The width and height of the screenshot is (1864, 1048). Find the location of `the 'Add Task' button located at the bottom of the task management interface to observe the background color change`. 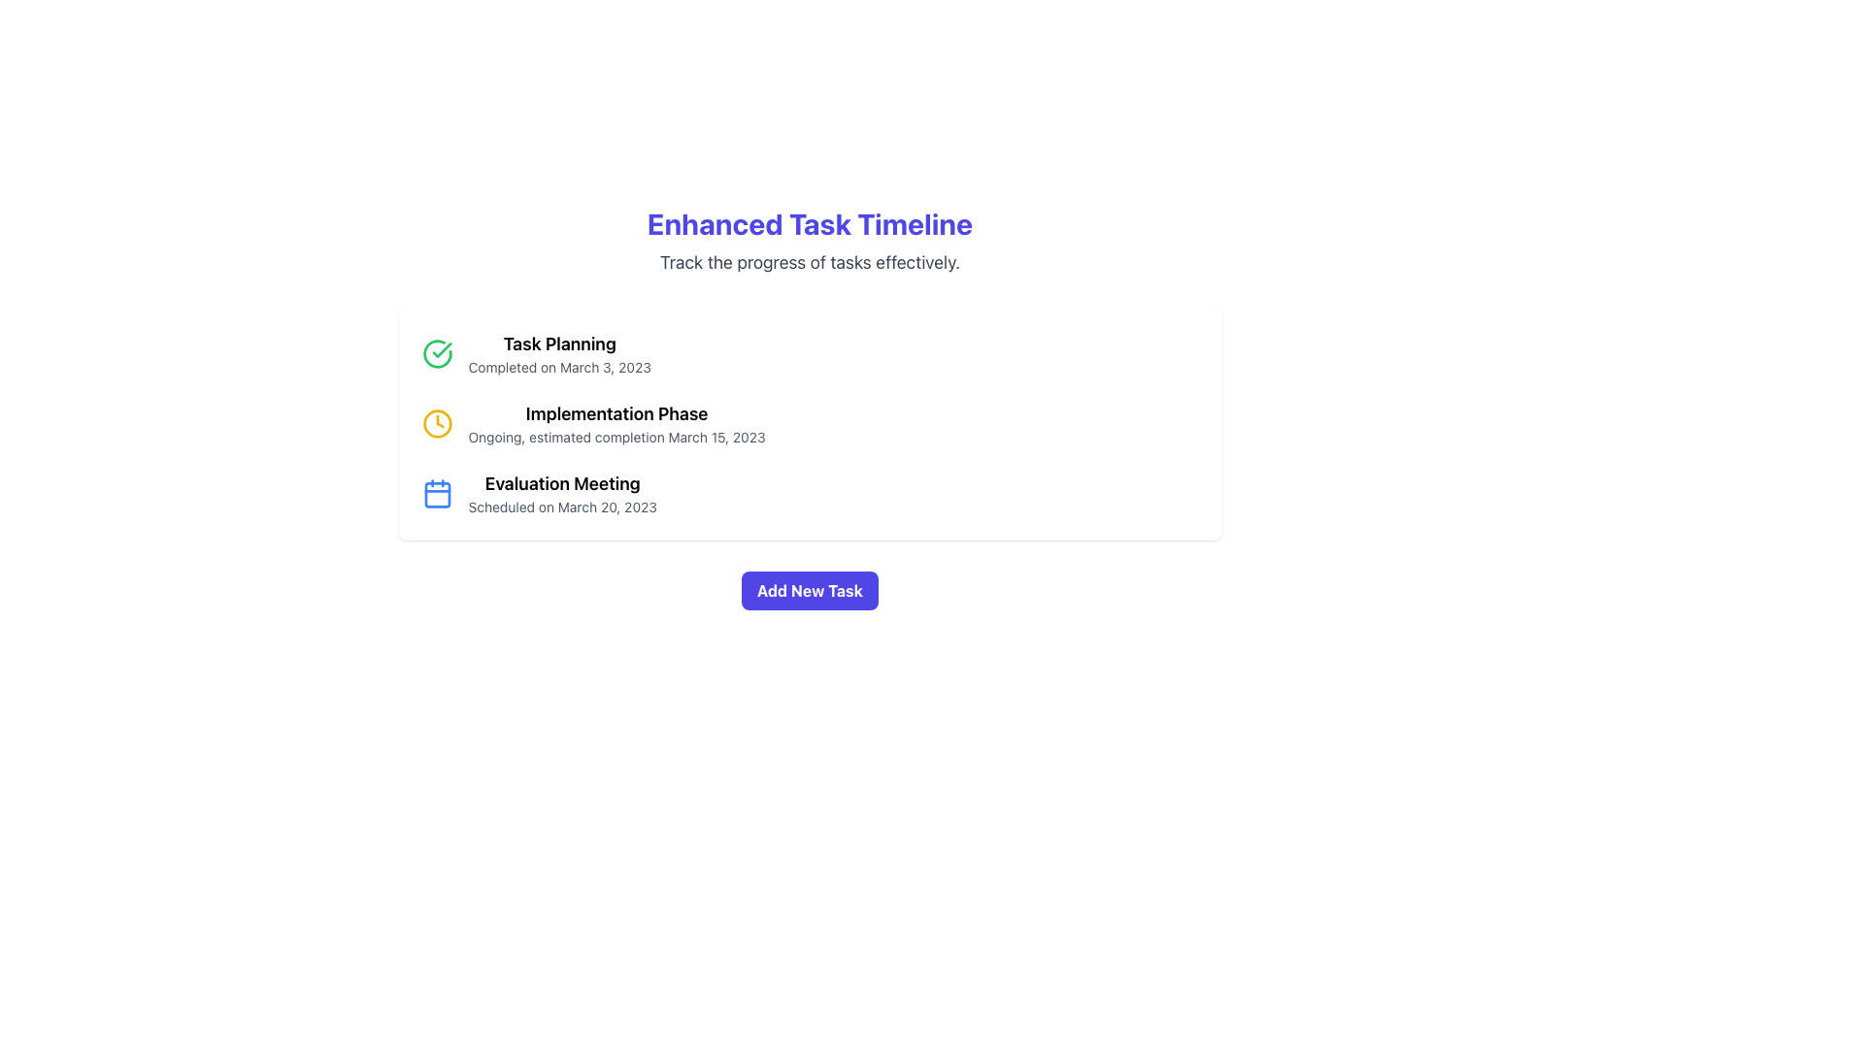

the 'Add Task' button located at the bottom of the task management interface to observe the background color change is located at coordinates (810, 590).